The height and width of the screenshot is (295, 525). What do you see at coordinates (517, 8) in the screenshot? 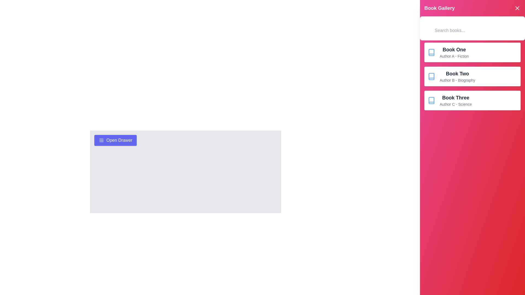
I see `the close button to dismiss the drawer` at bounding box center [517, 8].